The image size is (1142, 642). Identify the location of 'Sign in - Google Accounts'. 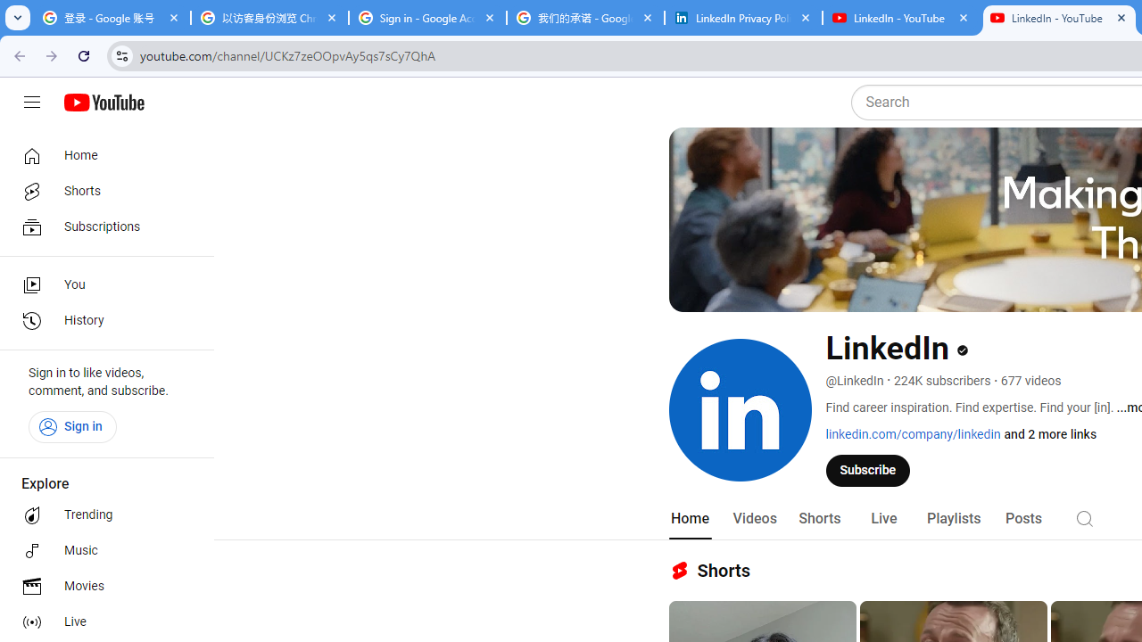
(426, 18).